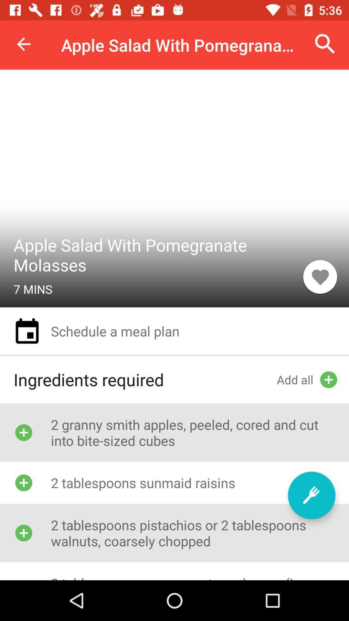  What do you see at coordinates (311, 495) in the screenshot?
I see `see nutrition information` at bounding box center [311, 495].